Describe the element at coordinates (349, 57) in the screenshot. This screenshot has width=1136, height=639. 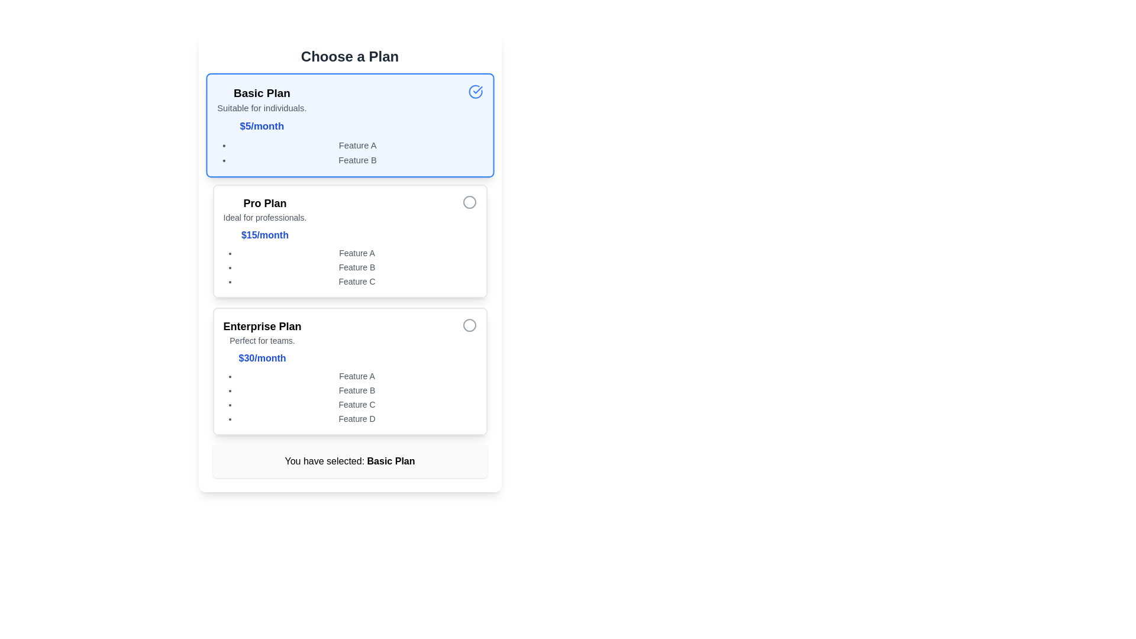
I see `the header text element that serves as the title for the plans section, positioned at the top center of the layout` at that location.